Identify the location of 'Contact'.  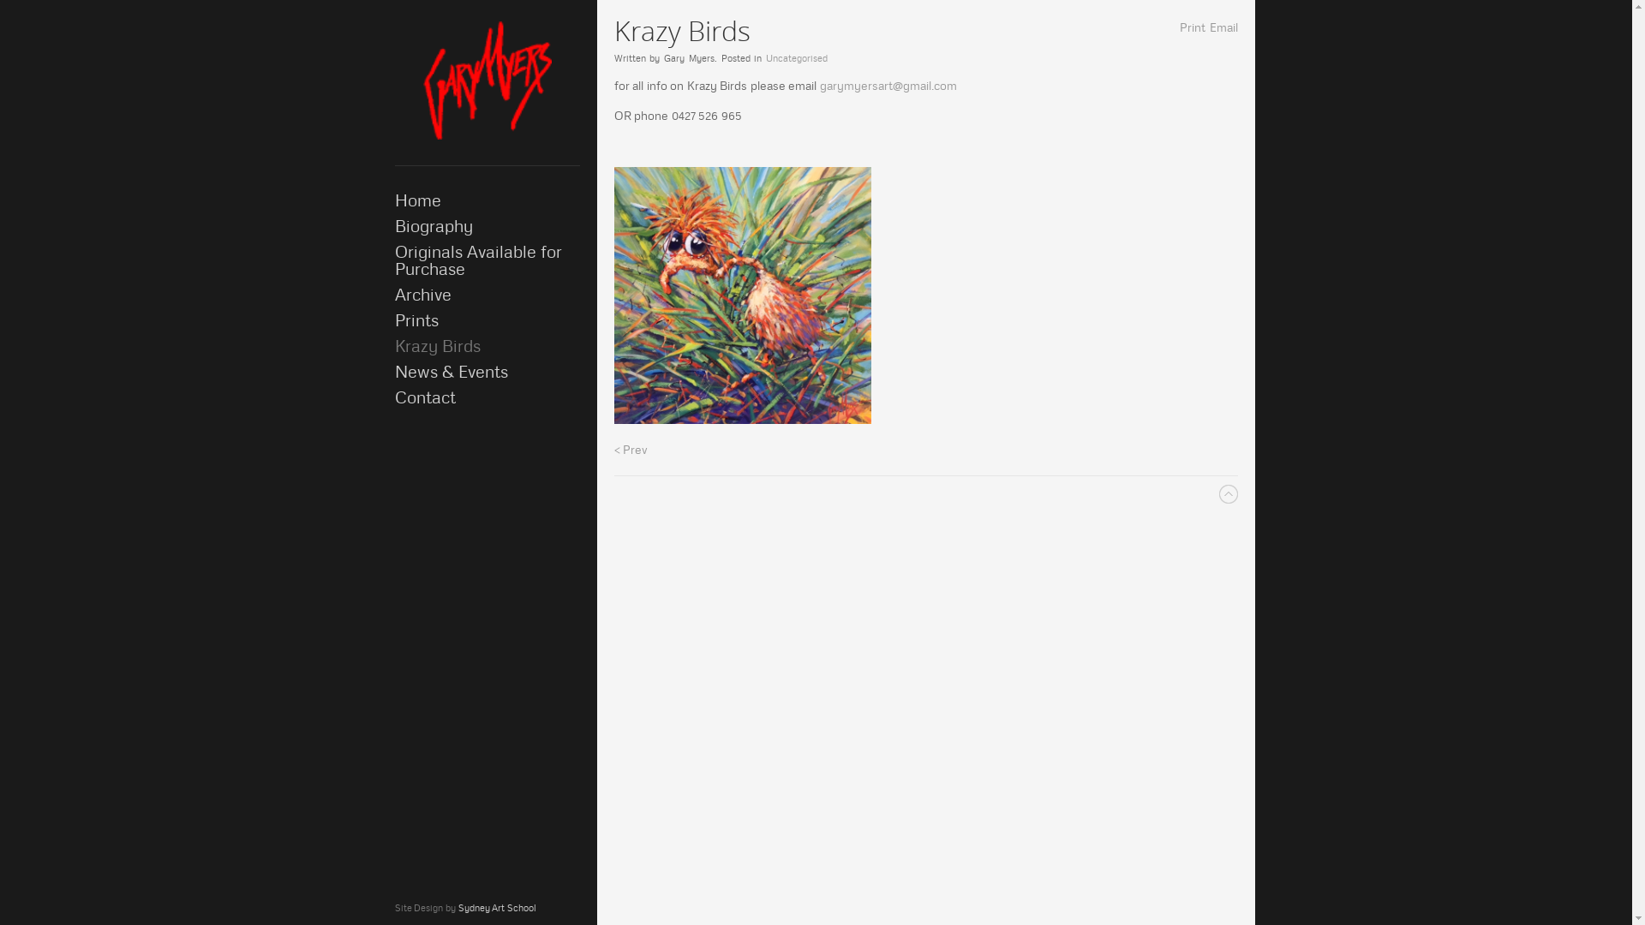
(485, 397).